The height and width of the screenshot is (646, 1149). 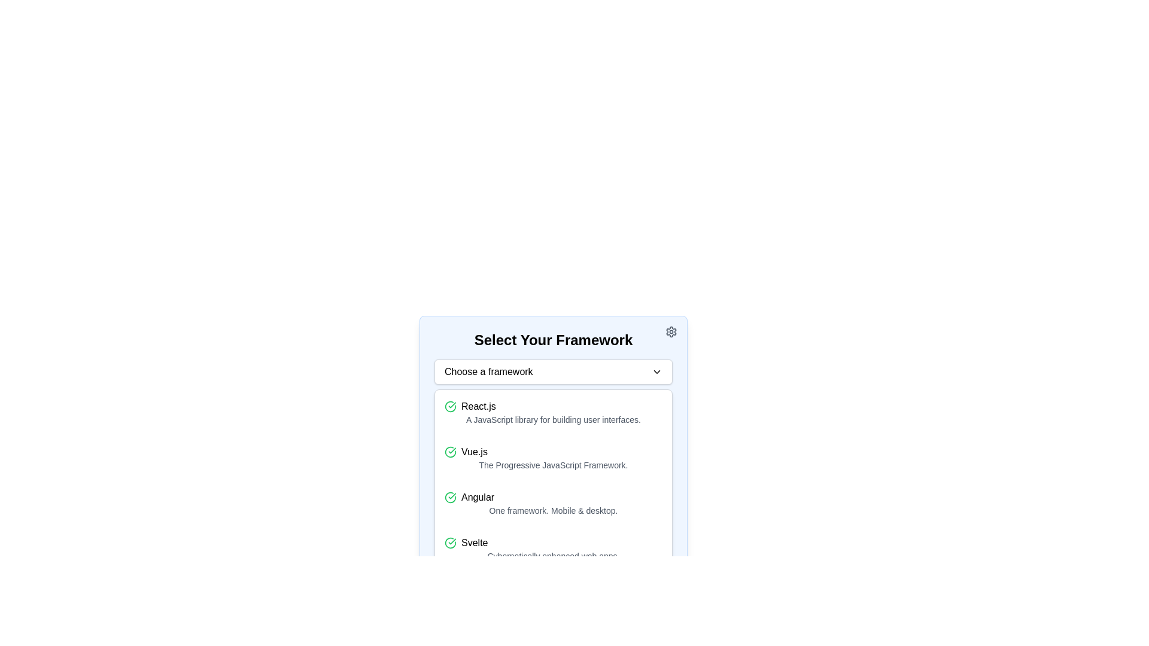 What do you see at coordinates (450, 498) in the screenshot?
I see `the icon representing the successful selection of 'Angular'` at bounding box center [450, 498].